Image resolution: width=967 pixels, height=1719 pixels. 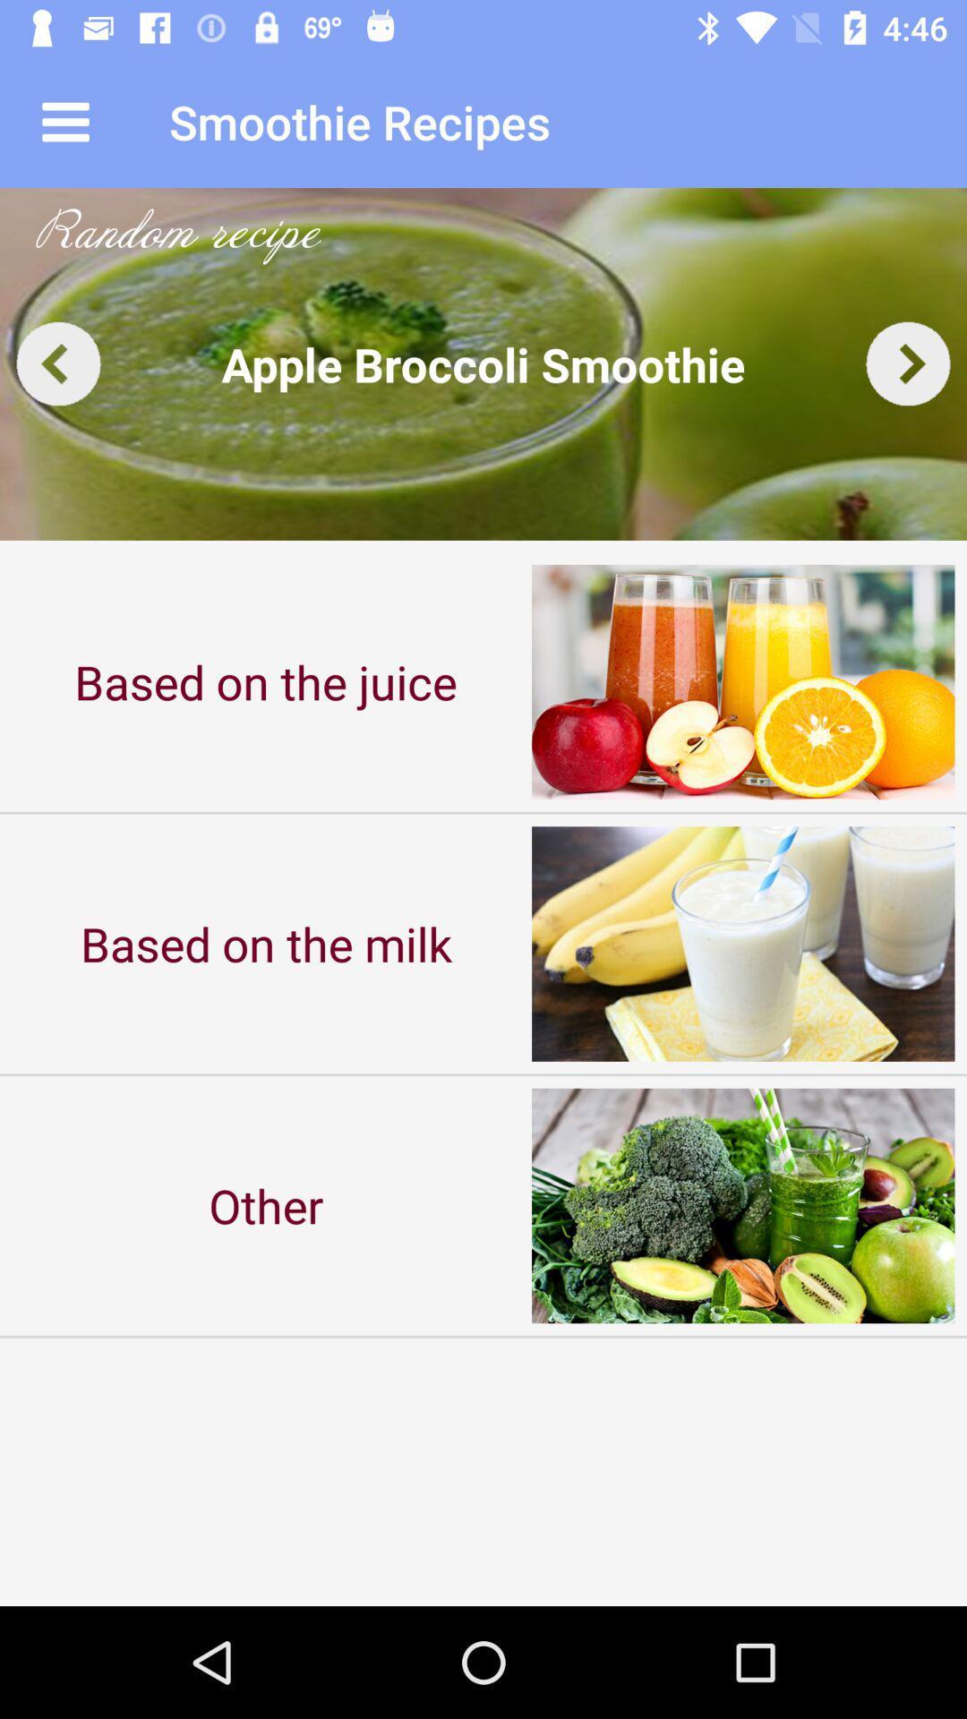 What do you see at coordinates (57, 363) in the screenshot?
I see `go back` at bounding box center [57, 363].